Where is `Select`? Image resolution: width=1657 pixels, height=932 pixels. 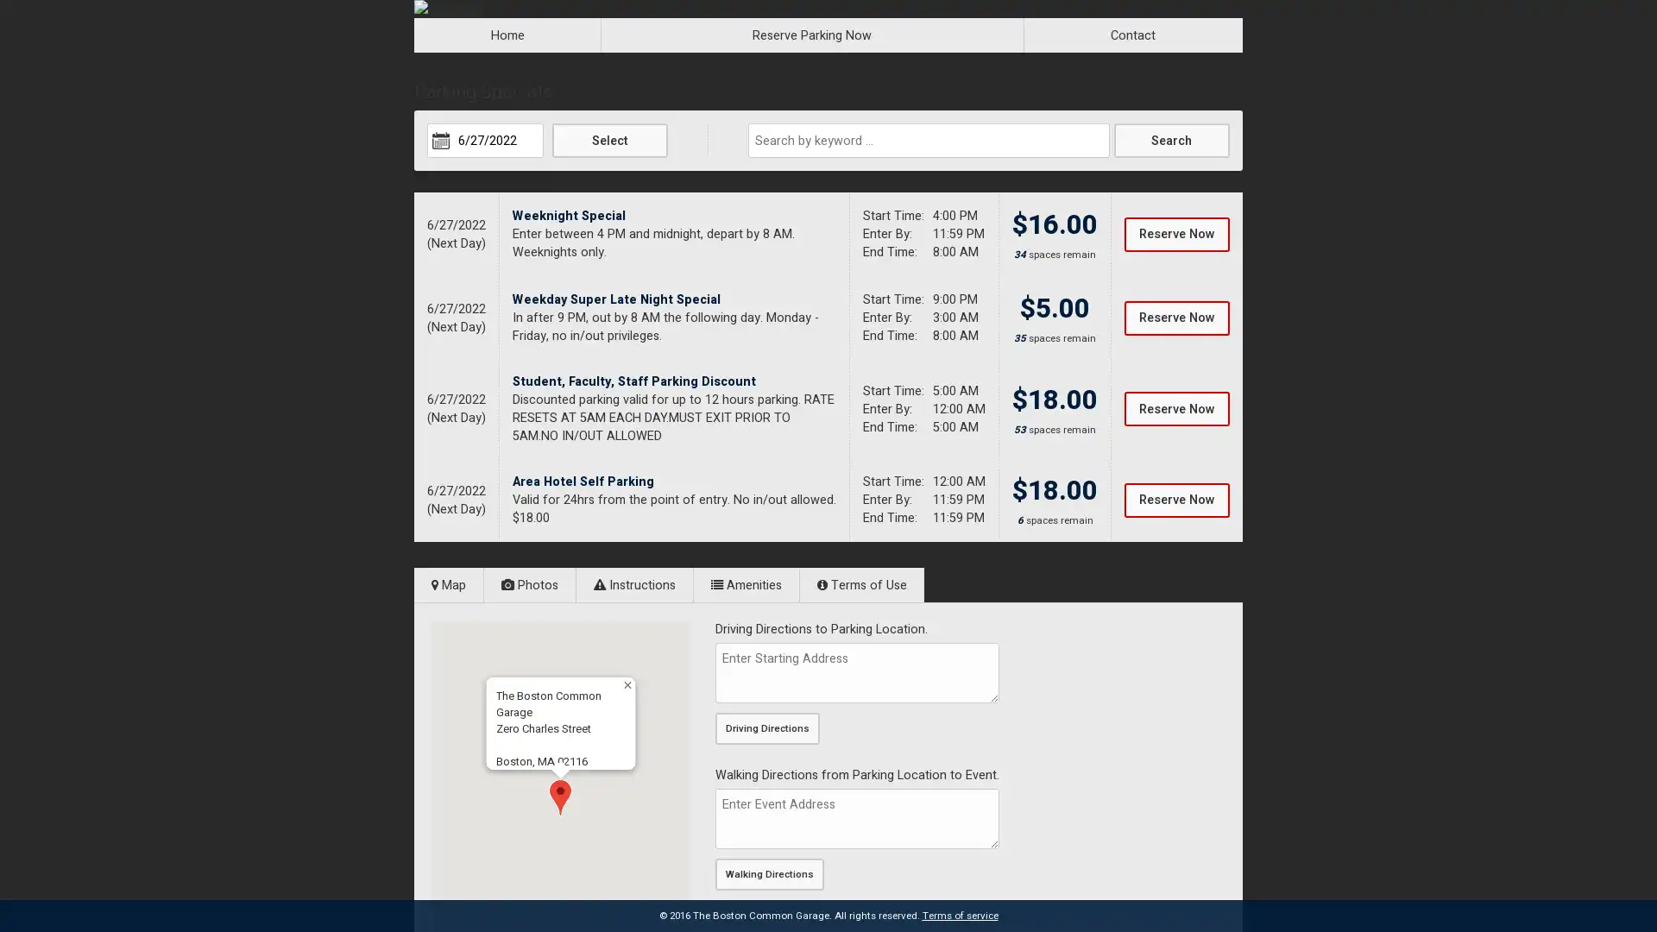
Select is located at coordinates (609, 139).